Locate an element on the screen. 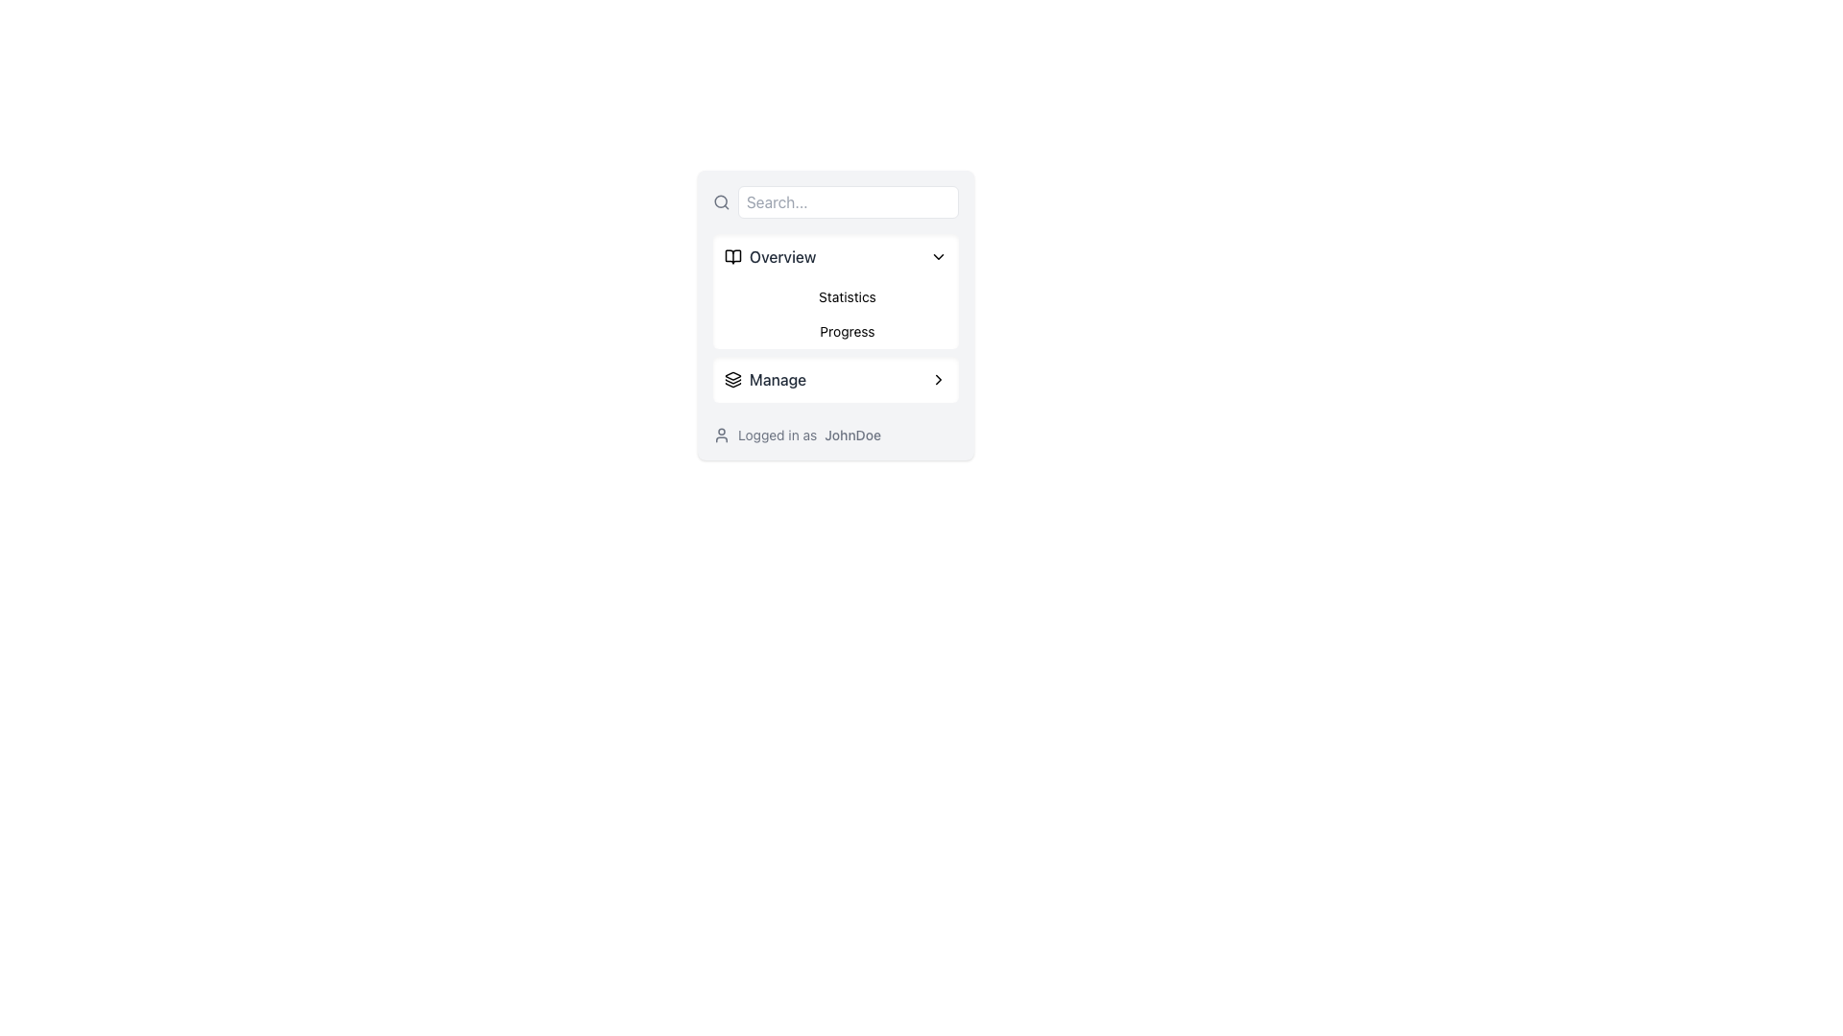 This screenshot has height=1036, width=1843. the topmost triangular icon in the layering icon set, which is designed to indicate layers or hierarchy is located at coordinates (731, 376).